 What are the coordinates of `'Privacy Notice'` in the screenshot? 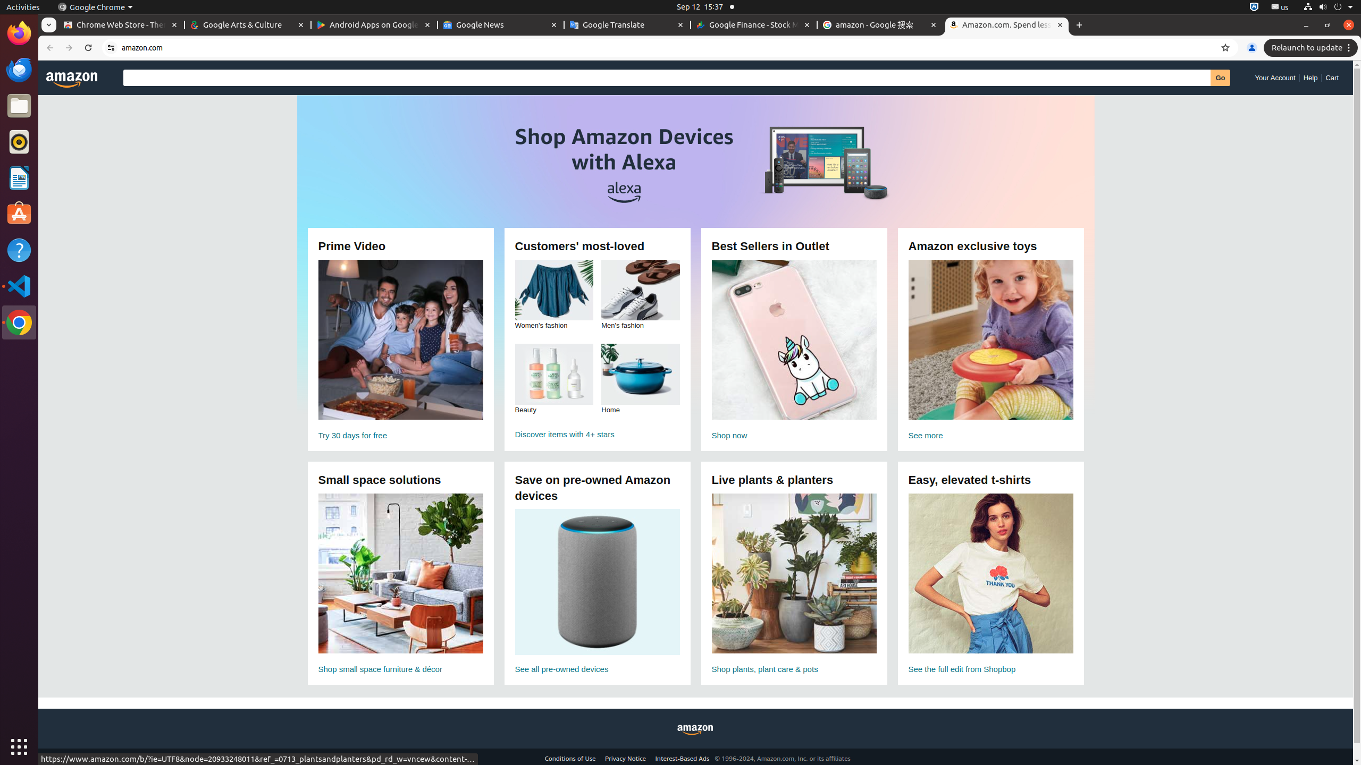 It's located at (625, 758).